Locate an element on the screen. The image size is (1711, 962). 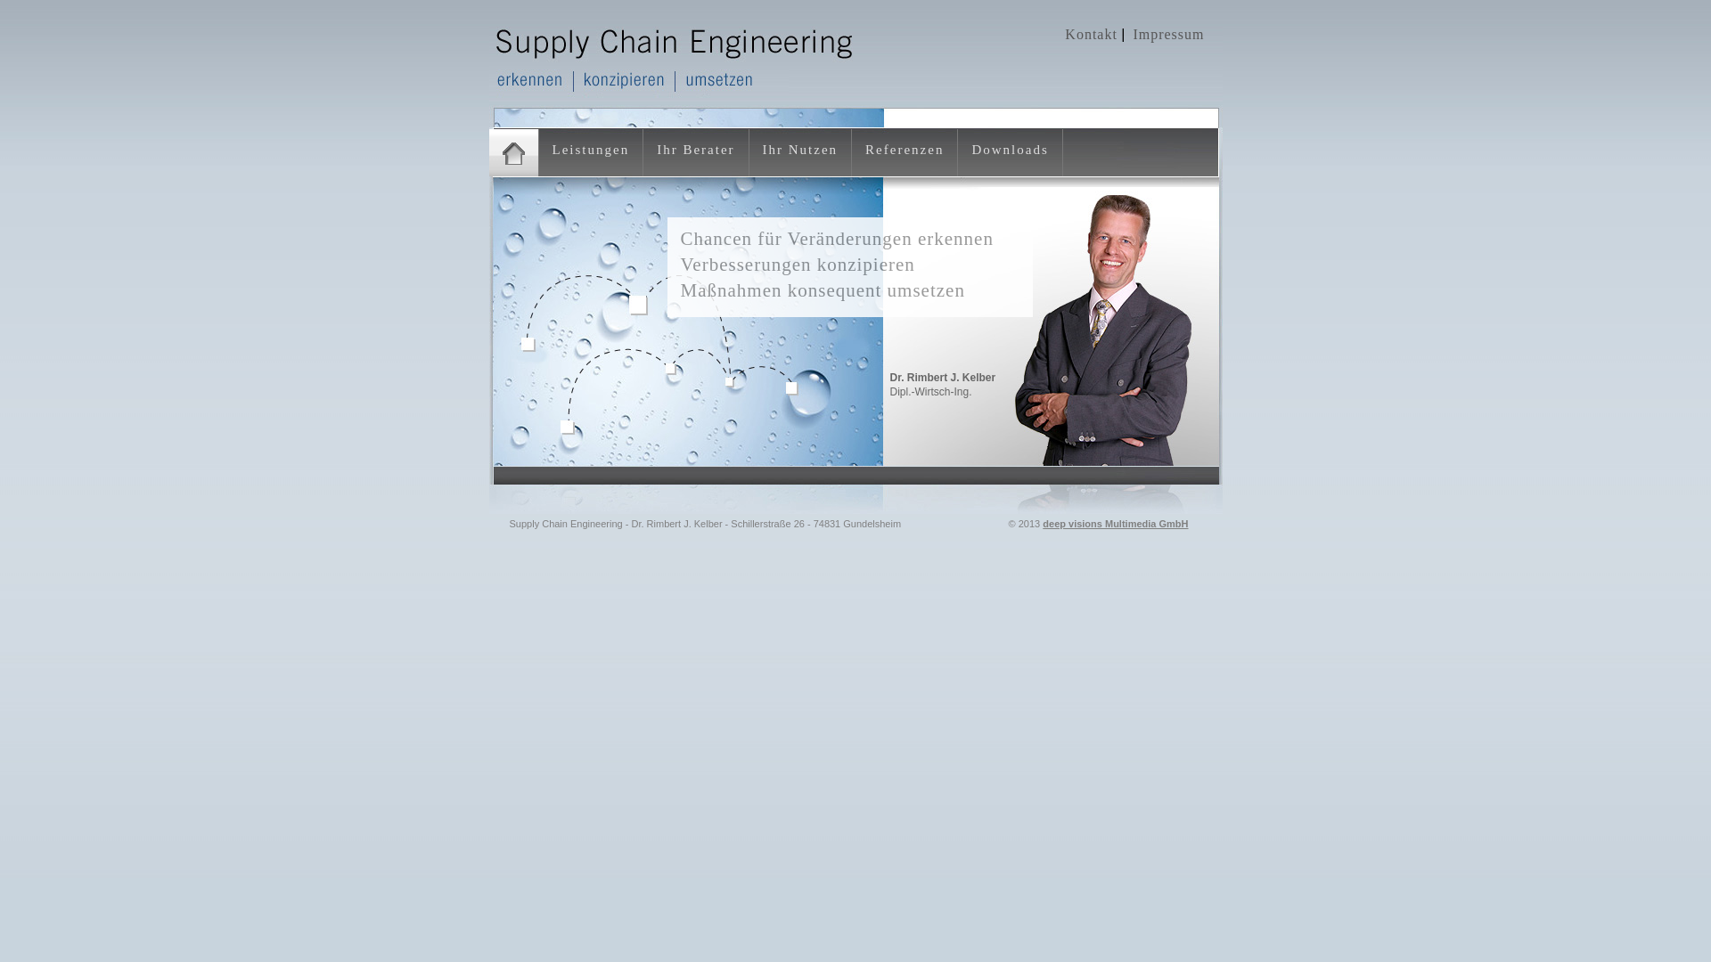
'Referenzen' is located at coordinates (904, 149).